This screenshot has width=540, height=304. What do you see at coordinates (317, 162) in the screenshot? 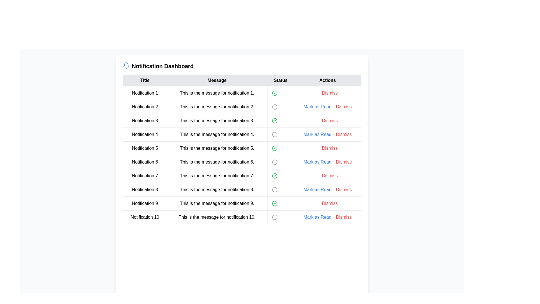
I see `the 'Mark as Read' hyperlink in the sixth row of the Actions column in the notification dashboard` at bounding box center [317, 162].